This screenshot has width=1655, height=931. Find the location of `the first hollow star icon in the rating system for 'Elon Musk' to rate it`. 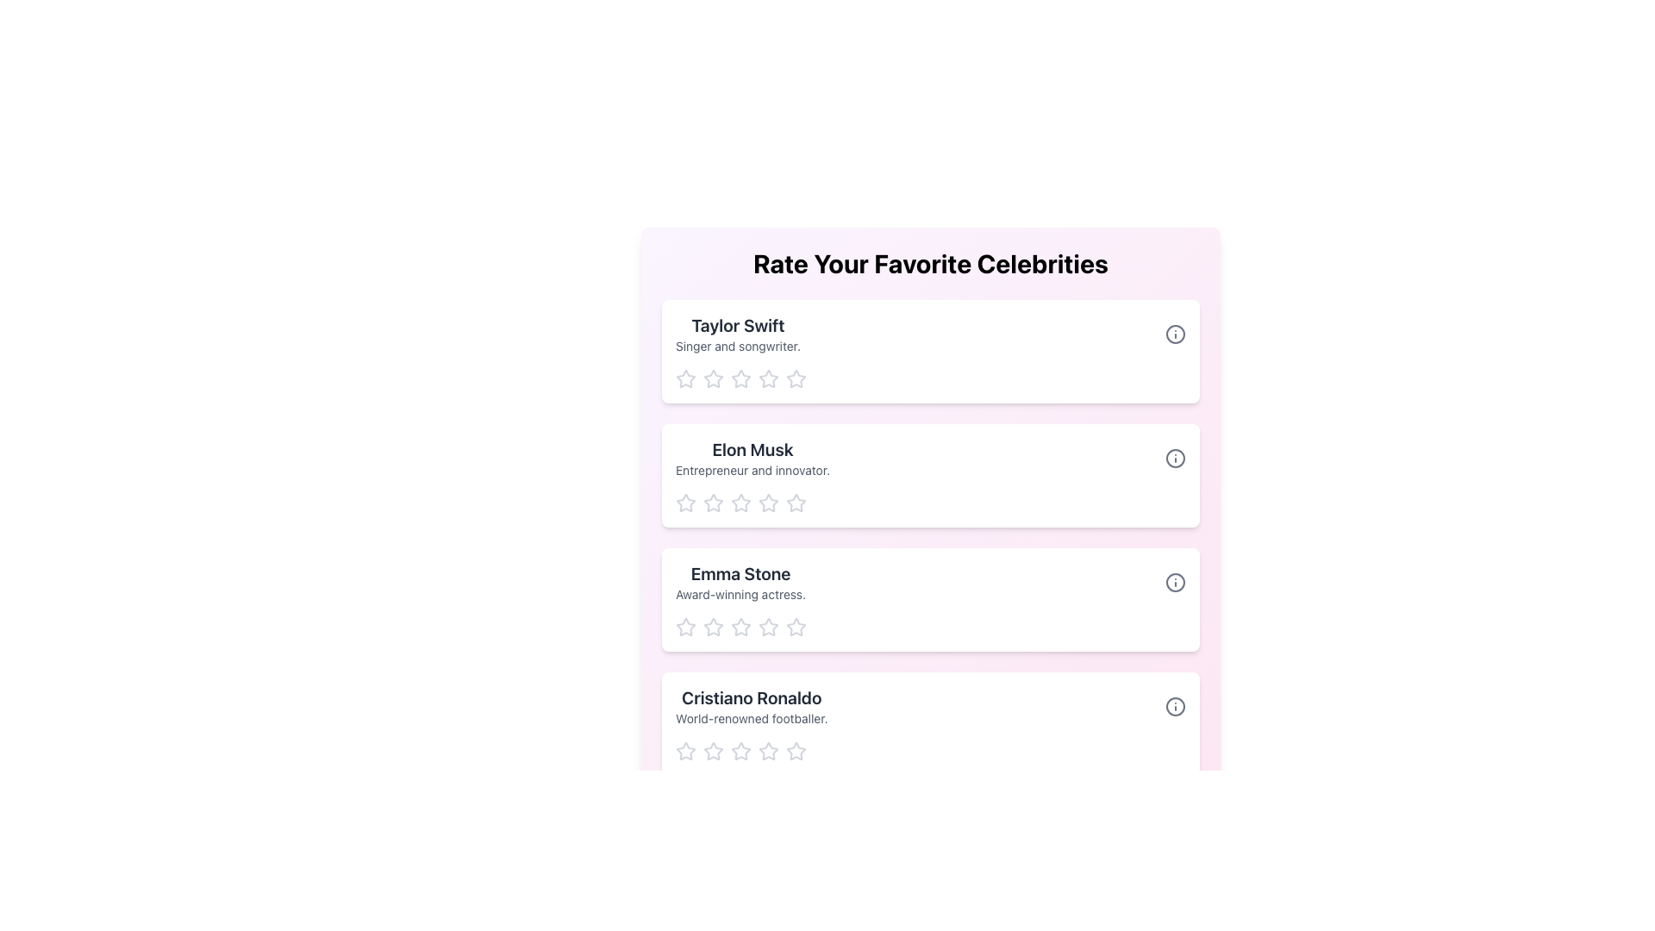

the first hollow star icon in the rating system for 'Elon Musk' to rate it is located at coordinates (685, 503).